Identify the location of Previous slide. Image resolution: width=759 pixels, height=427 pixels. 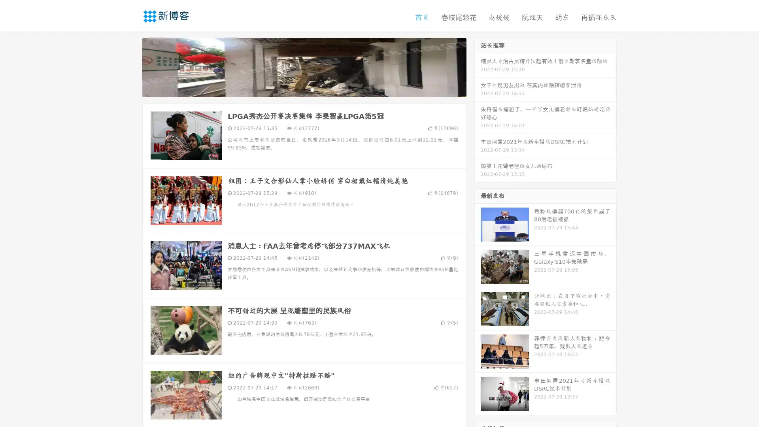
(130, 66).